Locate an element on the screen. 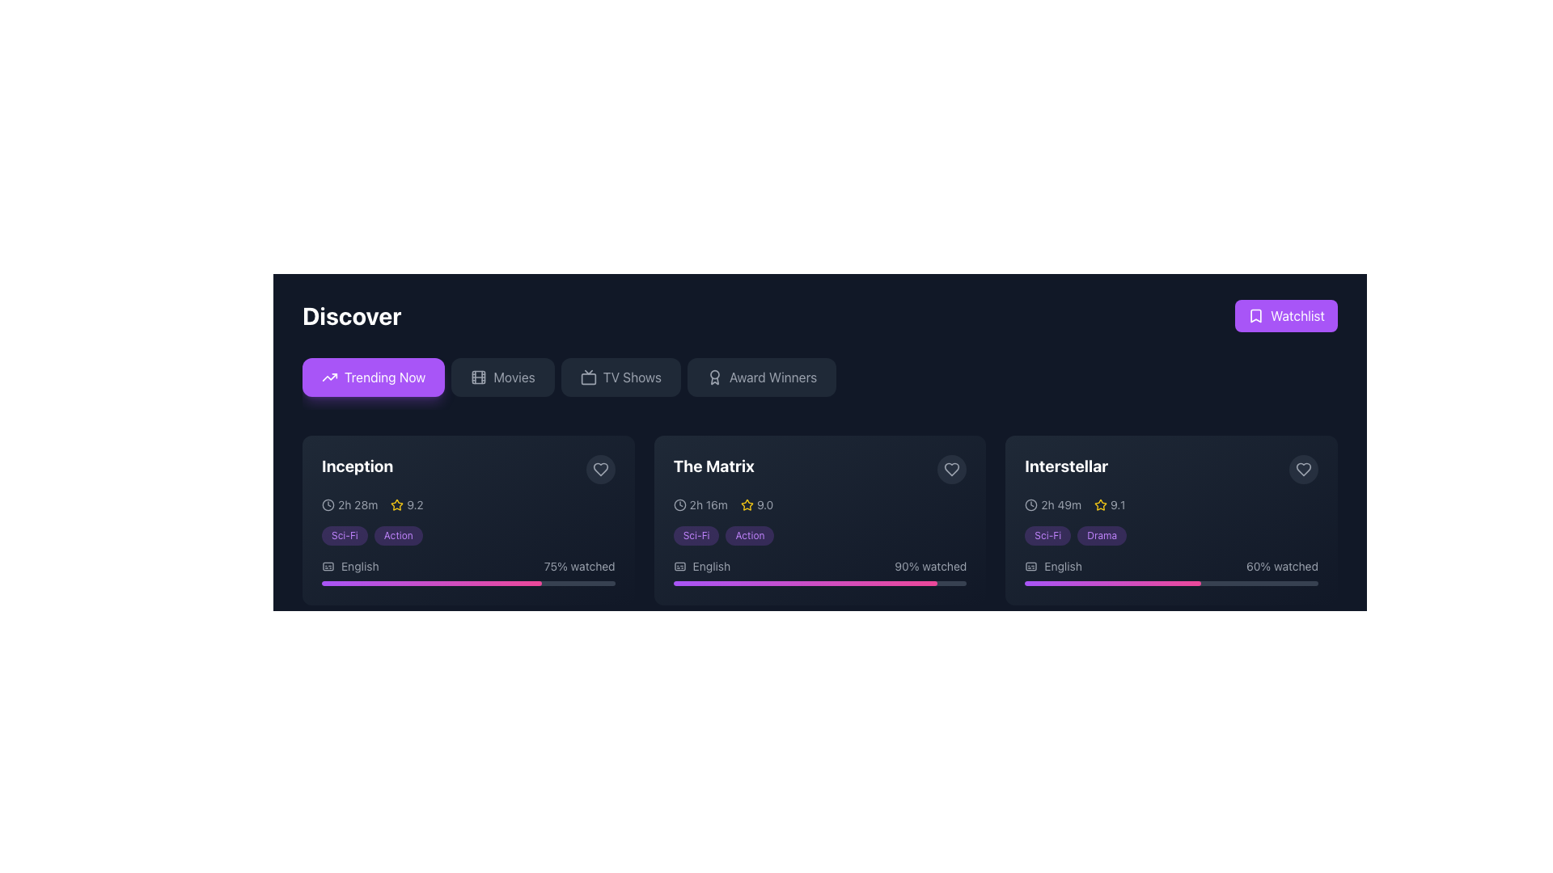  the bold, large white text label 'Interstellar' which changes to purple on hover, located in the upper-left corner of the third card in a horizontal list of similar cards is located at coordinates (1066, 466).